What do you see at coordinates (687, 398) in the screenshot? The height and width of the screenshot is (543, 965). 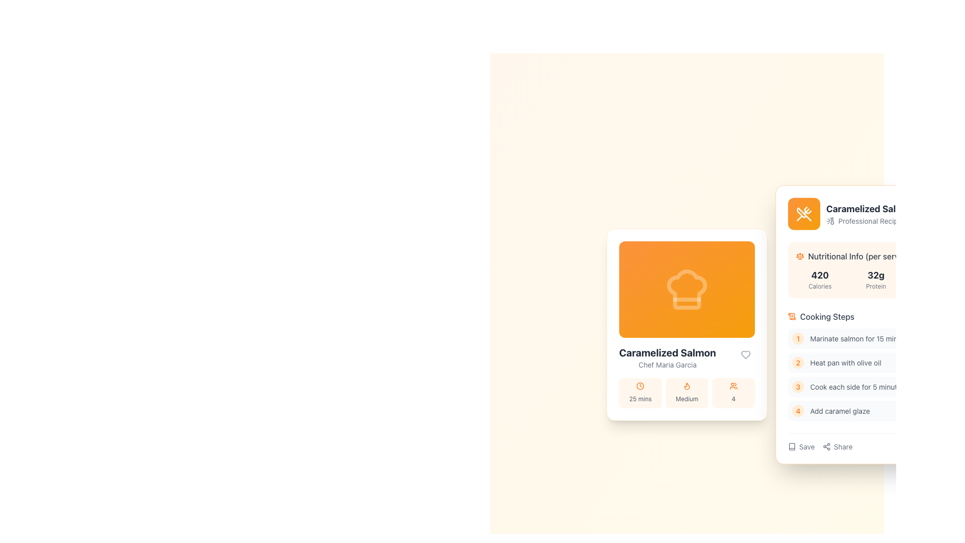 I see `text label displaying 'Medium' which is styled in a small gray font located beneath the flame icon on the recipe card` at bounding box center [687, 398].